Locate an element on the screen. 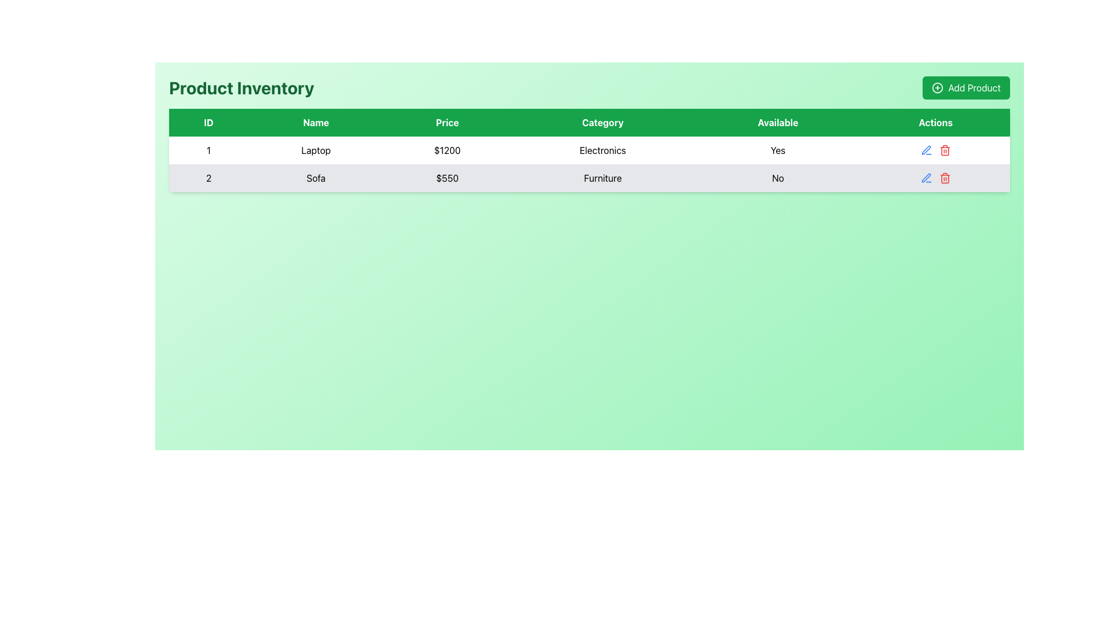 The height and width of the screenshot is (625, 1112). the 'Add Product' button with a green background and rounded edges located at the top-right corner of the 'Product Inventory' section is located at coordinates (966, 87).